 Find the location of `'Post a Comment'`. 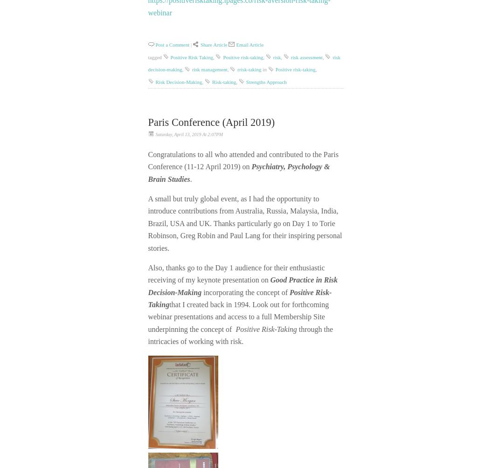

'Post a Comment' is located at coordinates (172, 44).